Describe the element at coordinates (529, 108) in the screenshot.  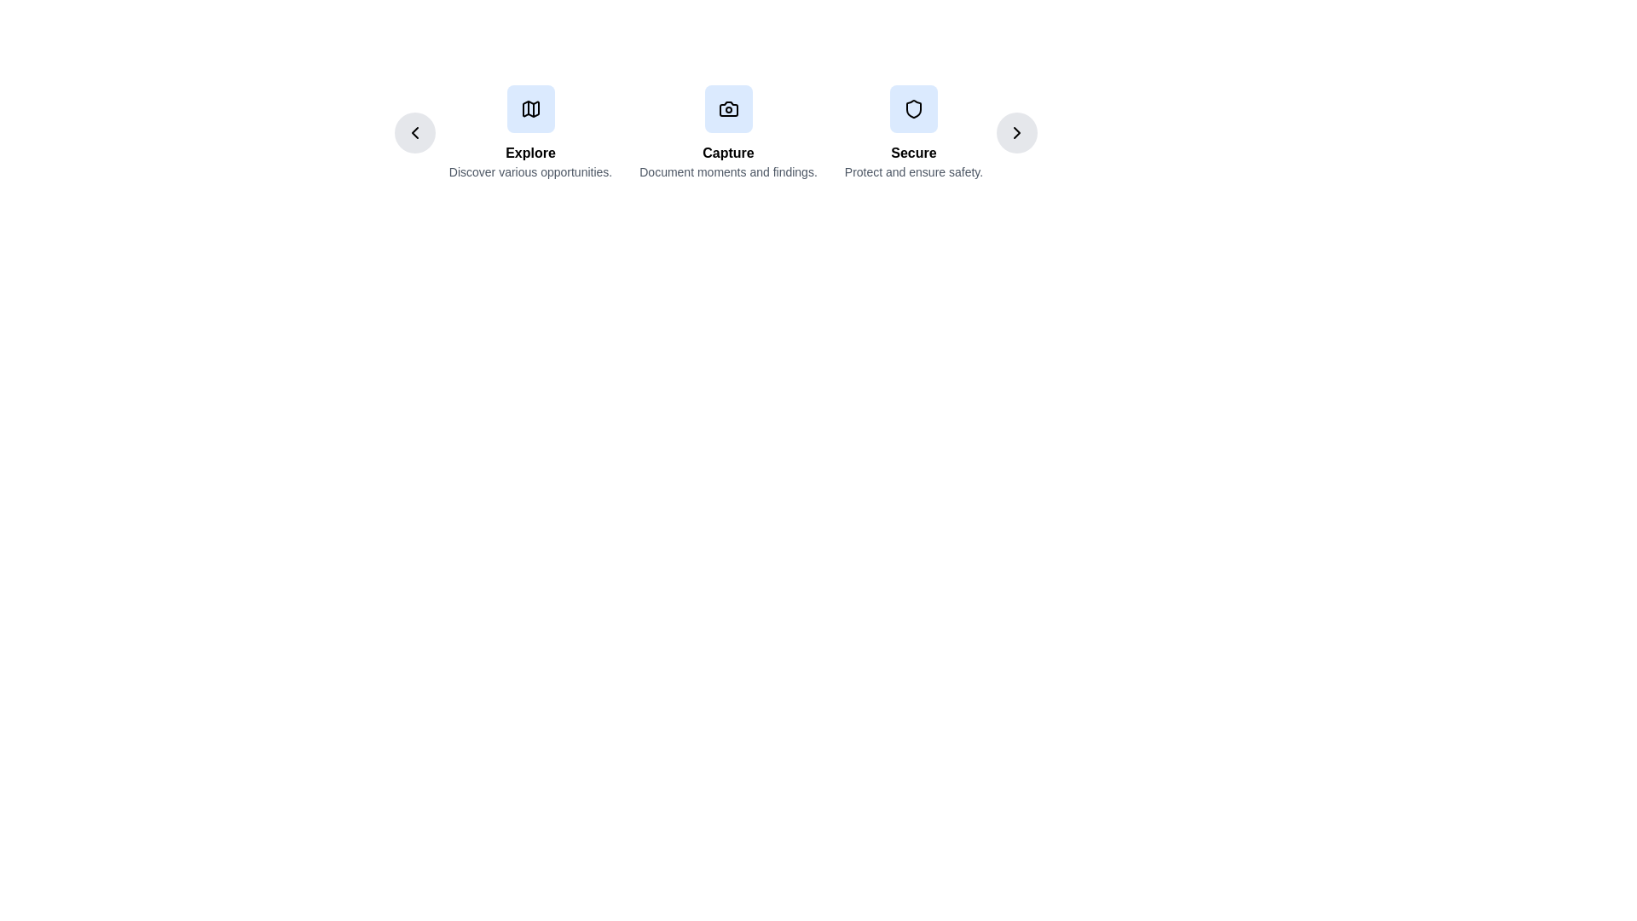
I see `the 'Explore' icon, which is a map illustration icon styled in a soft blue rounded square background` at that location.